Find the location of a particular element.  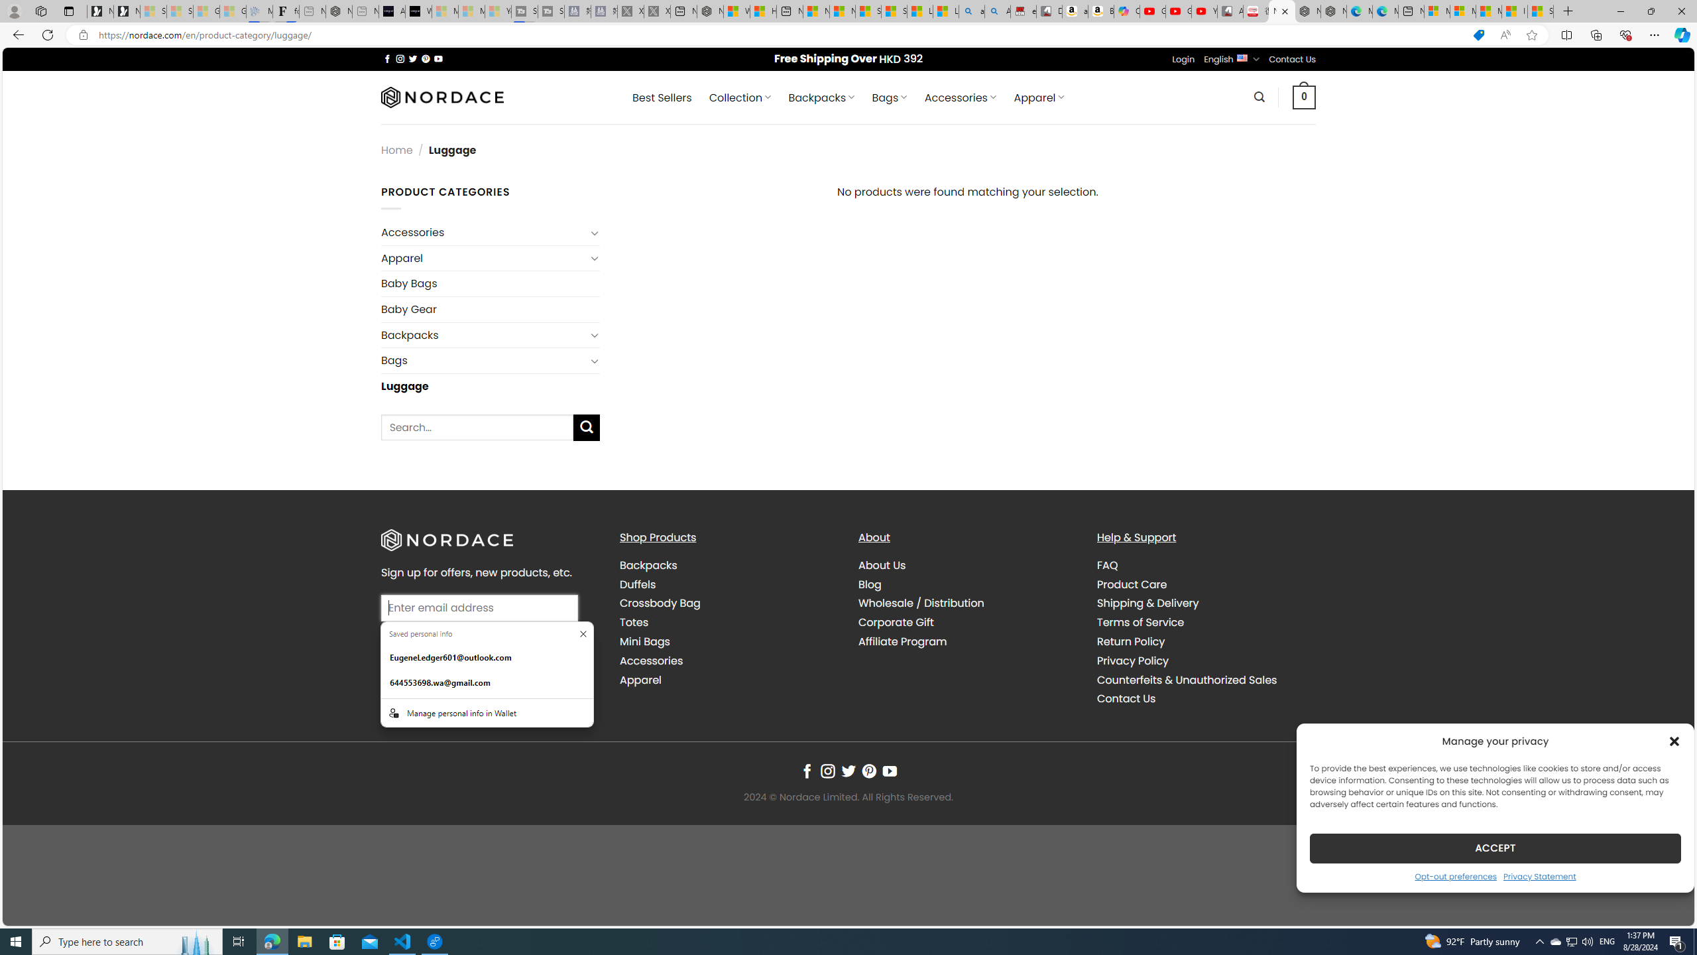

'What' is located at coordinates (418, 11).